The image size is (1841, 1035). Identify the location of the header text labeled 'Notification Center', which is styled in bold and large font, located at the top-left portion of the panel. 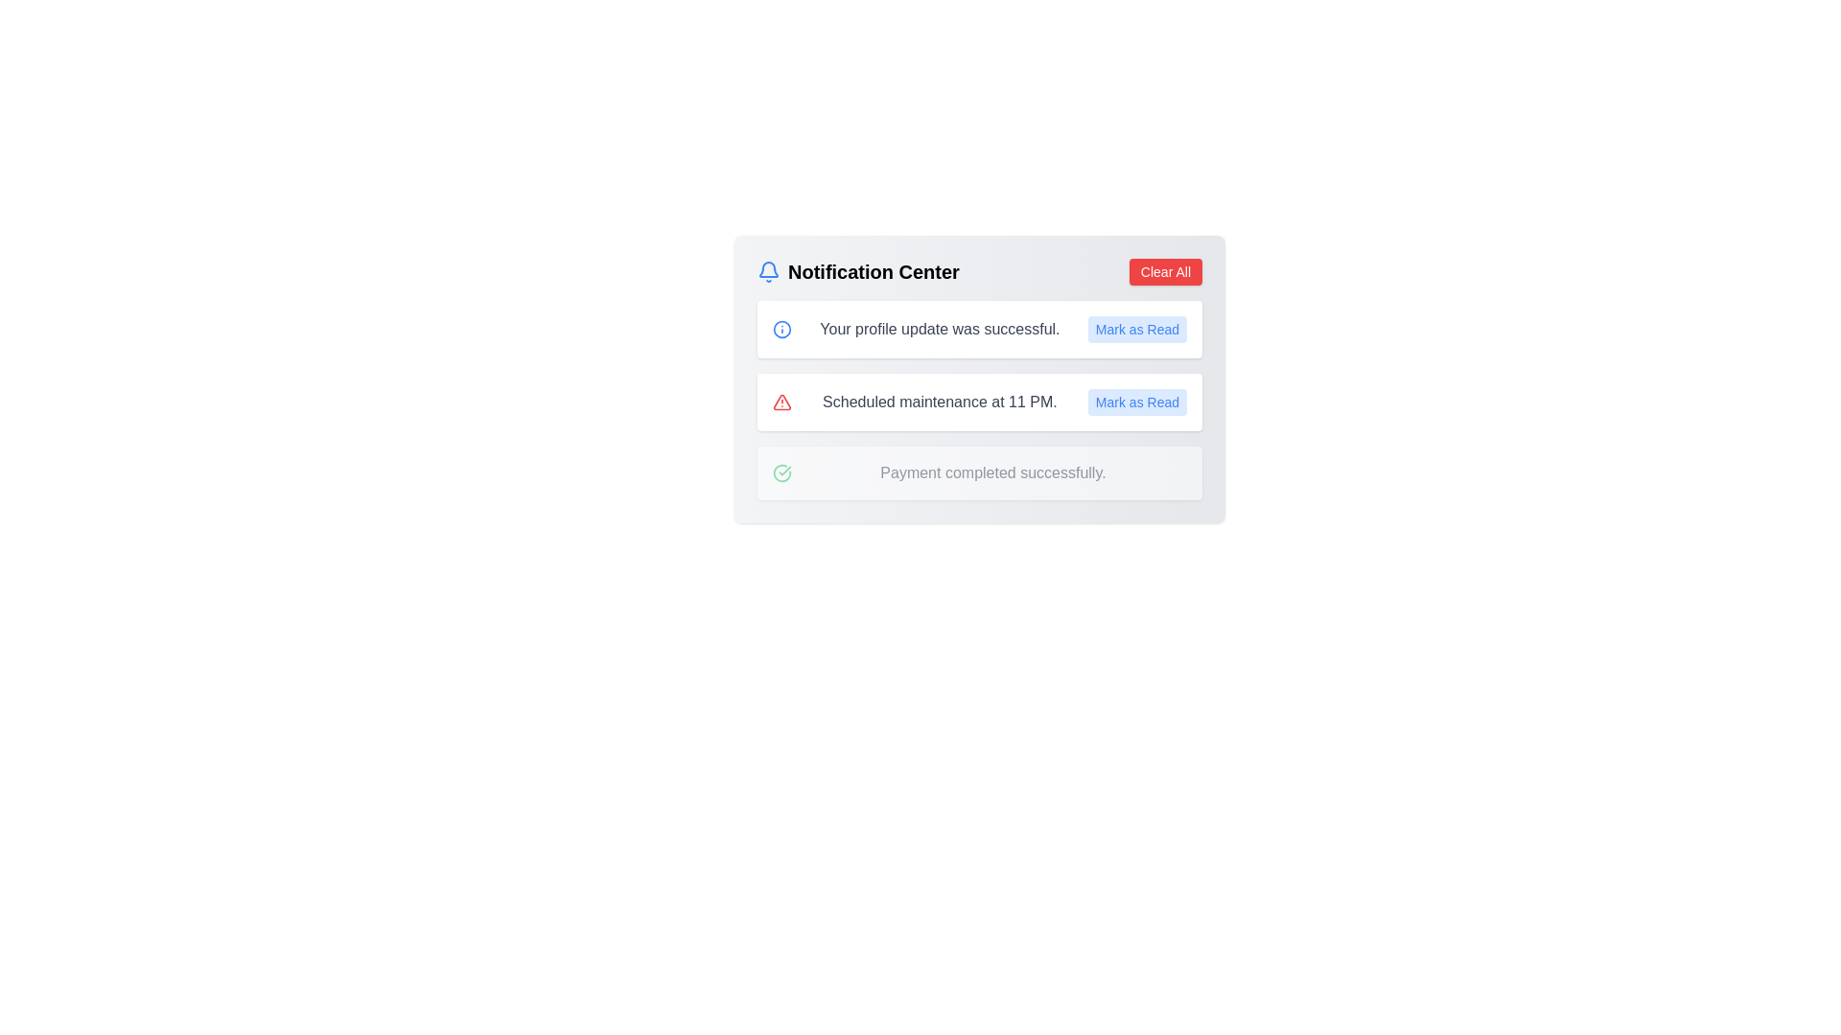
(873, 272).